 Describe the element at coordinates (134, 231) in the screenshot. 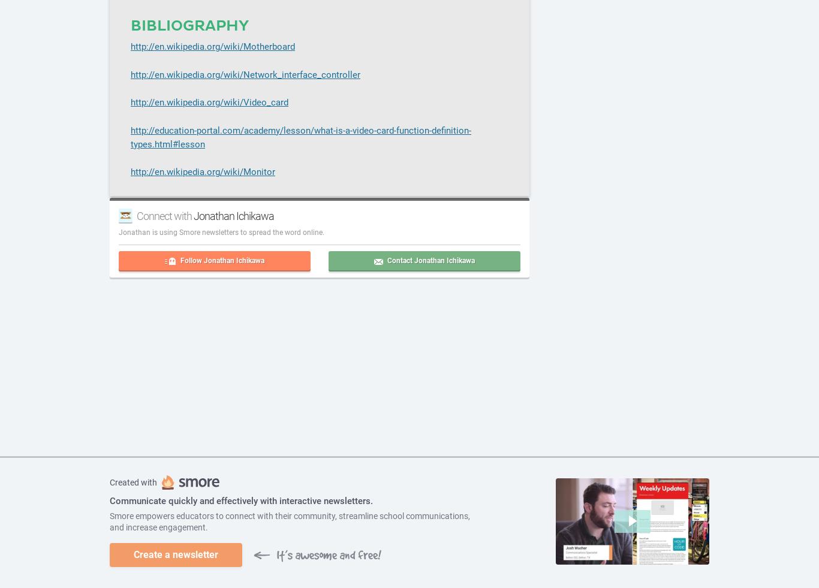

I see `'Jonathan'` at that location.